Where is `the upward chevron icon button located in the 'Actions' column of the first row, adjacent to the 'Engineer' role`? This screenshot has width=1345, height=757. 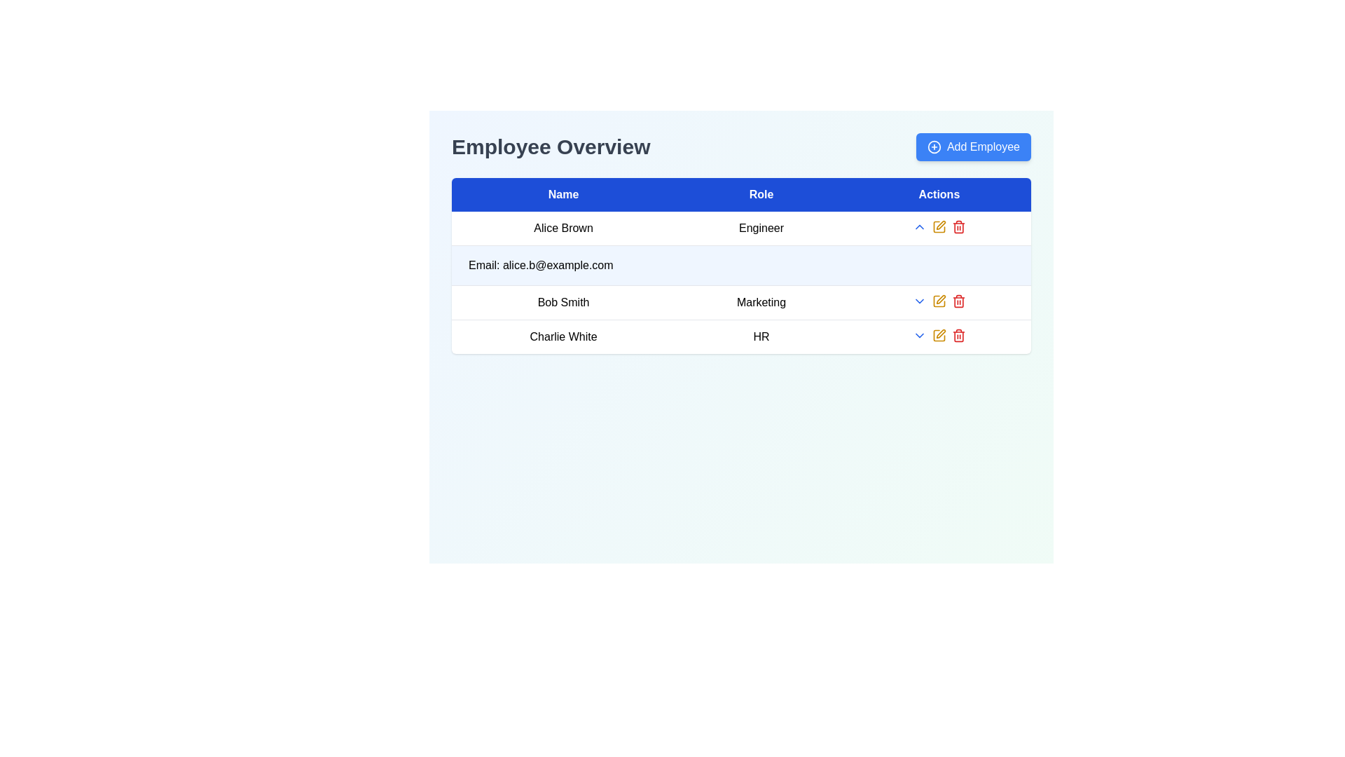
the upward chevron icon button located in the 'Actions' column of the first row, adjacent to the 'Engineer' role is located at coordinates (919, 226).